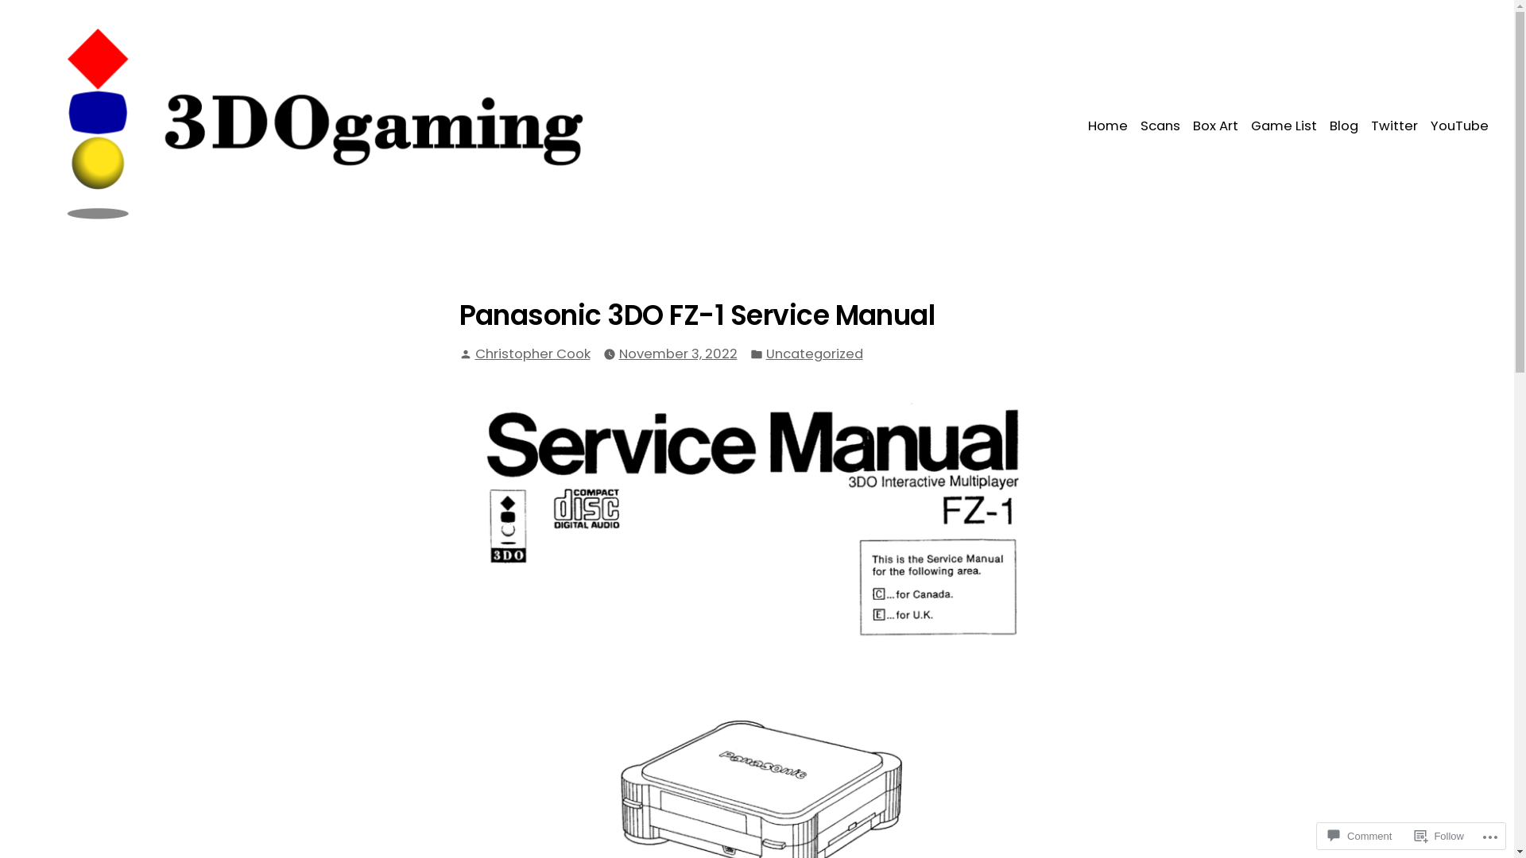 This screenshot has width=1526, height=858. Describe the element at coordinates (1393, 126) in the screenshot. I see `'Twitter'` at that location.